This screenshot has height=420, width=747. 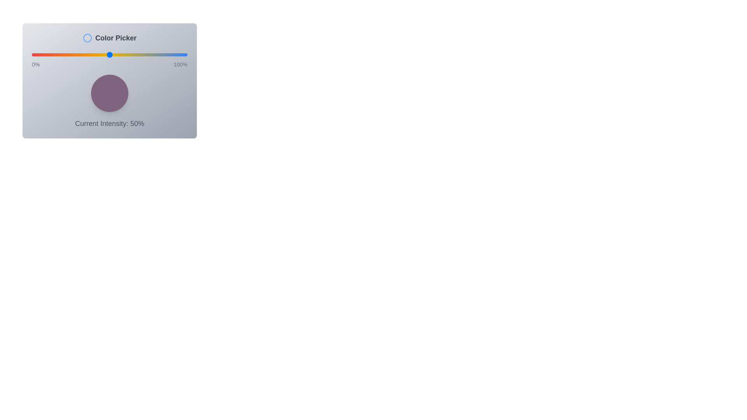 I want to click on the intensity slider to 90%, so click(x=171, y=54).